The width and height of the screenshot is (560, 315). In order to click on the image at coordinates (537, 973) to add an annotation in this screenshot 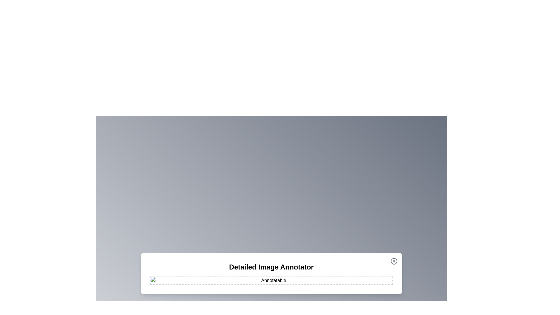, I will do `click(157, 283)`.